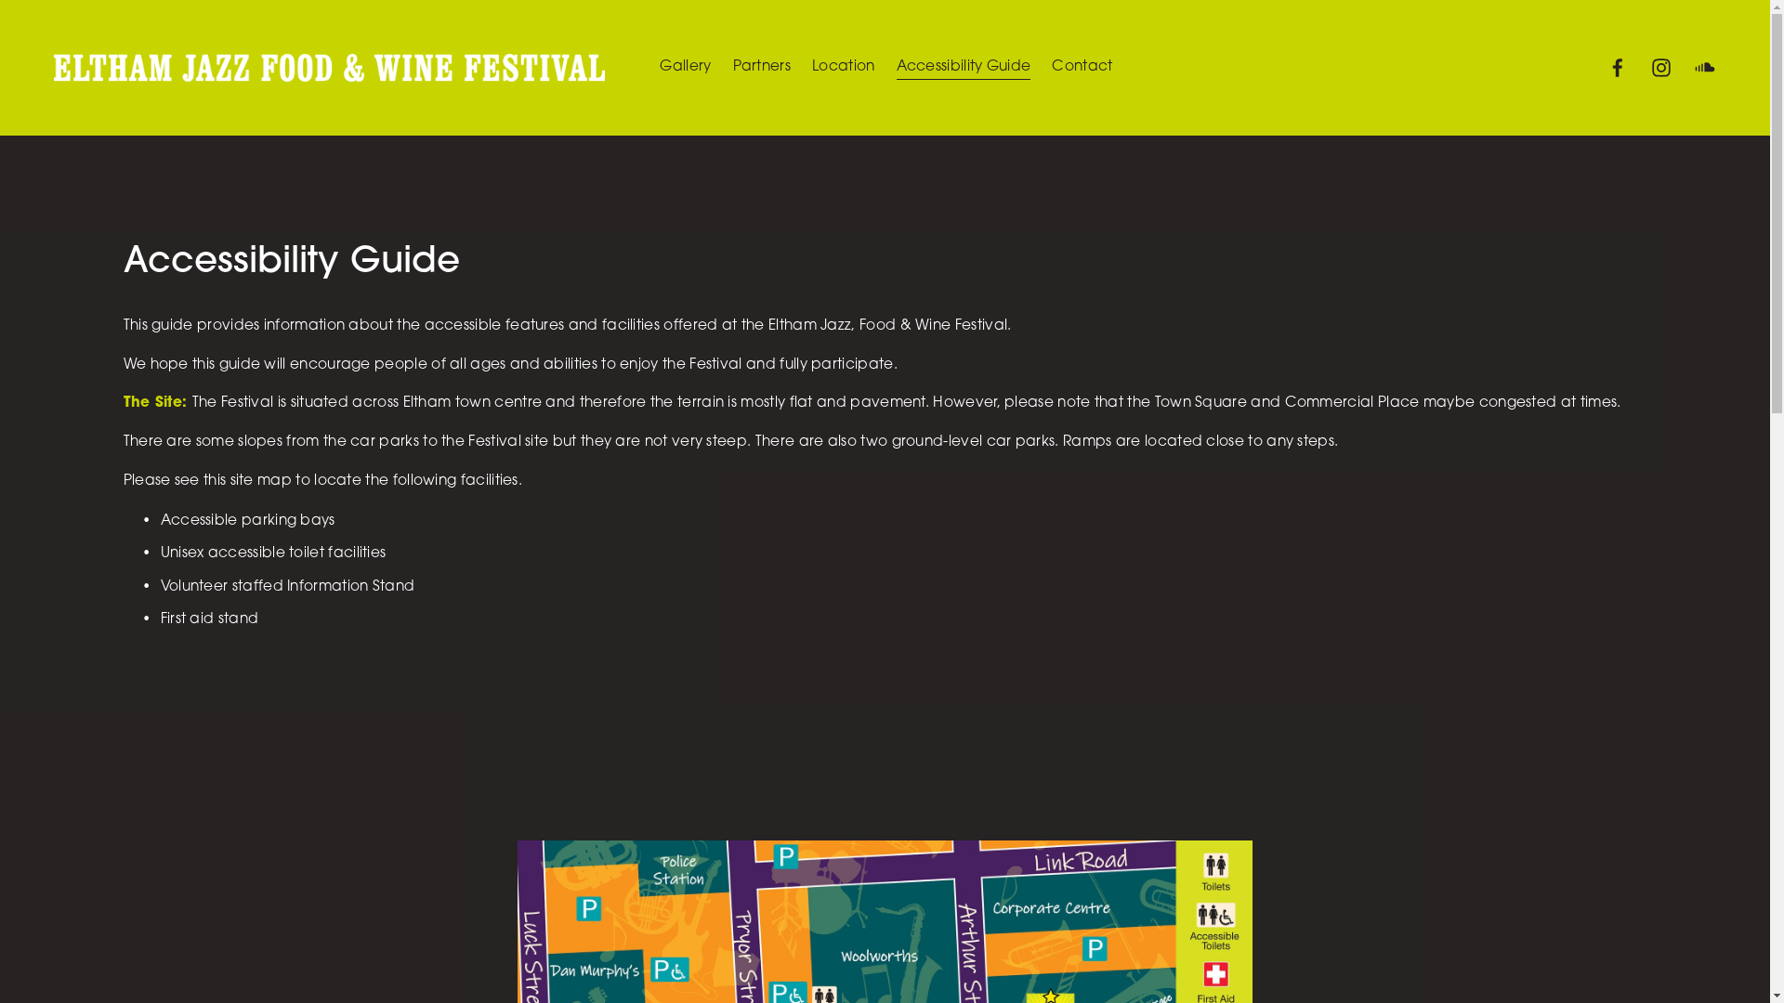  Describe the element at coordinates (660, 67) in the screenshot. I see `'Gallery'` at that location.